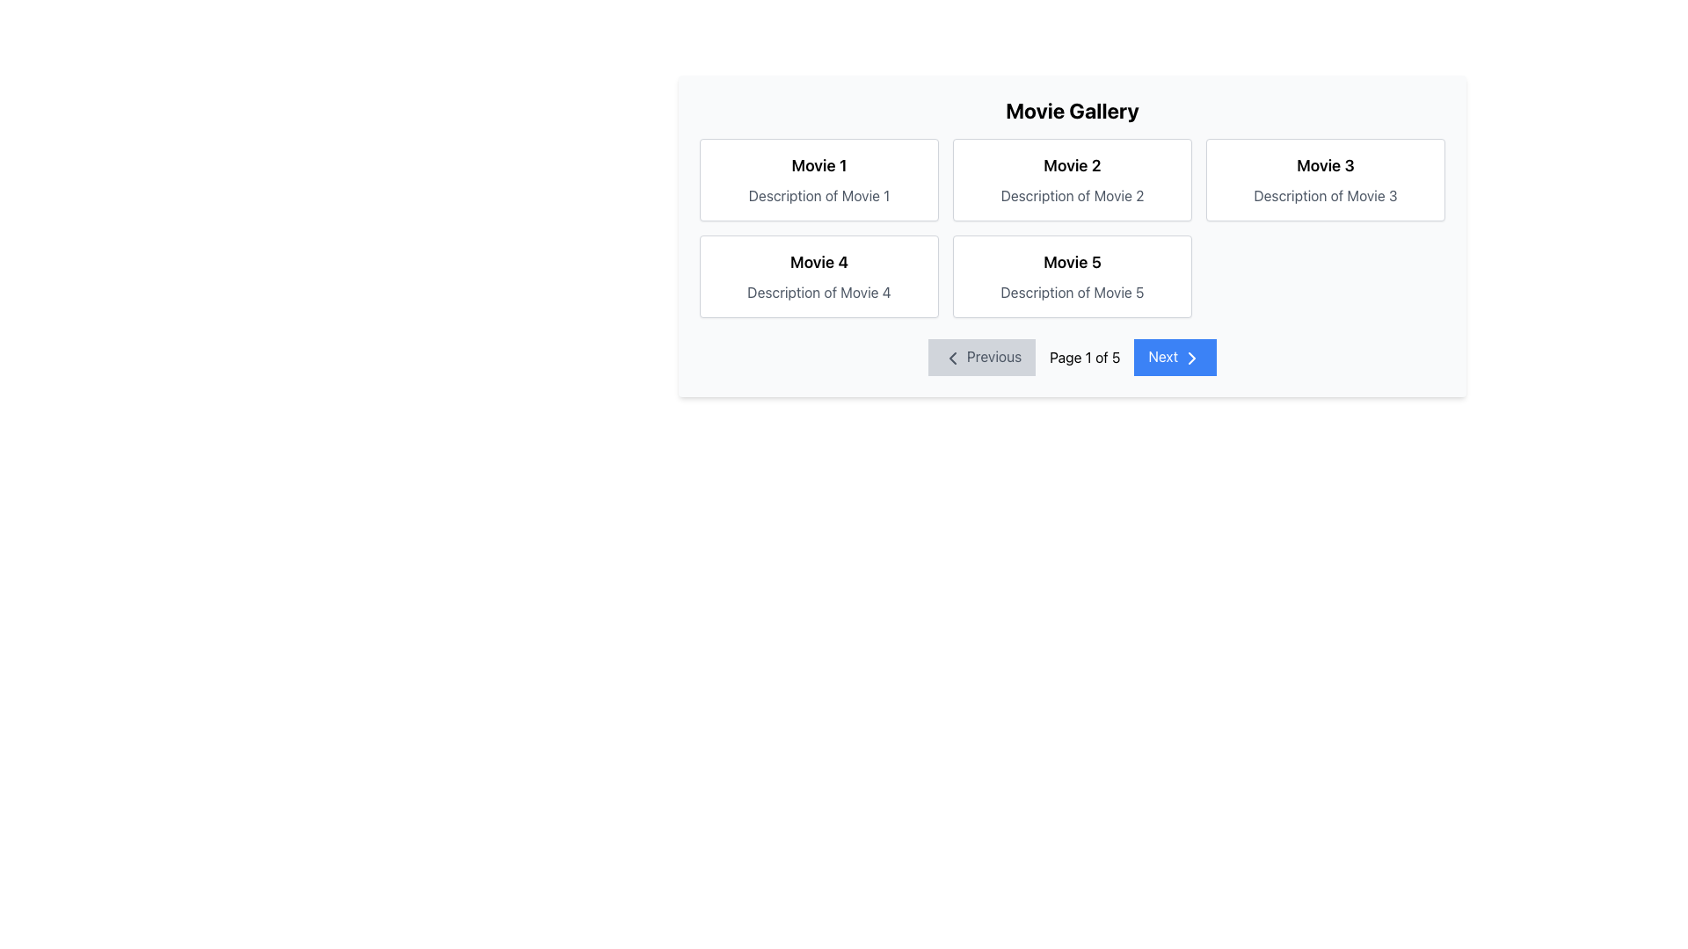  What do you see at coordinates (1084, 356) in the screenshot?
I see `the Text Display element that shows 'Page 1 of 5', located between the 'Previous' and 'Next' buttons in the bottom navigation bar` at bounding box center [1084, 356].